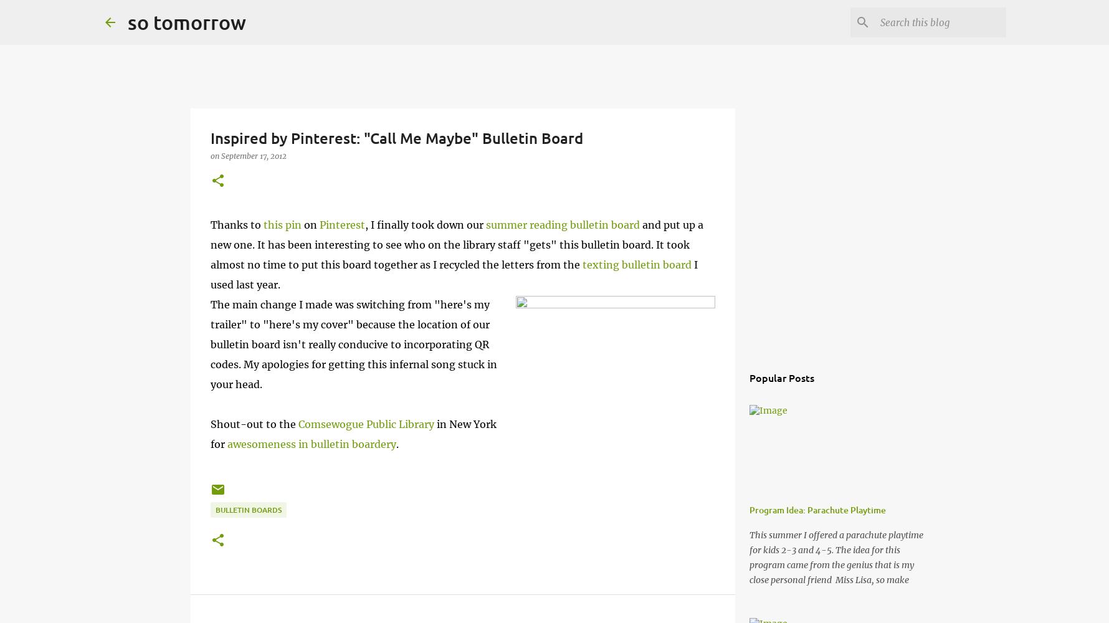 The height and width of the screenshot is (623, 1109). I want to click on 'I used last year.', so click(453, 274).